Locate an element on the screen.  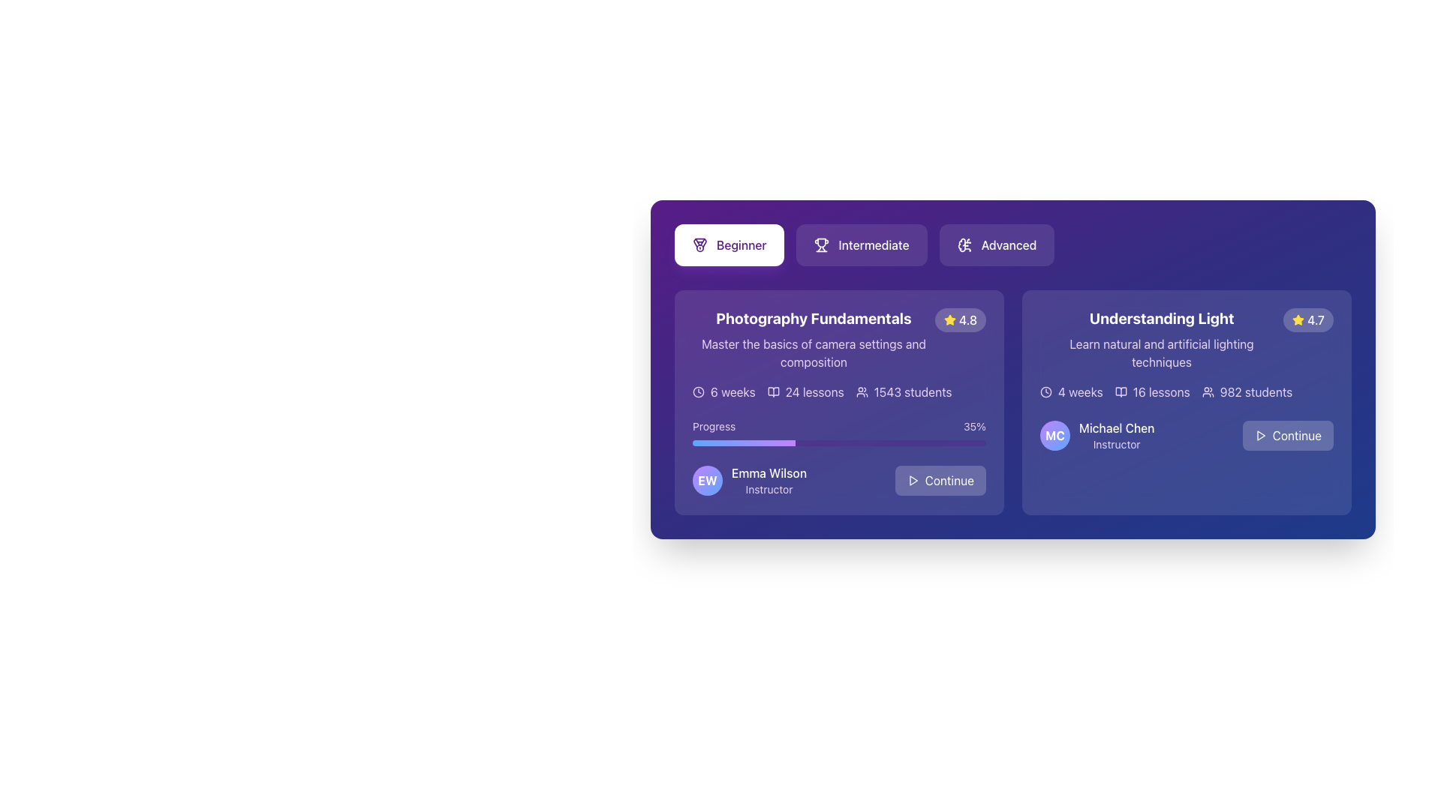
the '6 weeks' text and clock icon pair, which is the first element under the 'Photography Fundamentals' section is located at coordinates (724, 391).